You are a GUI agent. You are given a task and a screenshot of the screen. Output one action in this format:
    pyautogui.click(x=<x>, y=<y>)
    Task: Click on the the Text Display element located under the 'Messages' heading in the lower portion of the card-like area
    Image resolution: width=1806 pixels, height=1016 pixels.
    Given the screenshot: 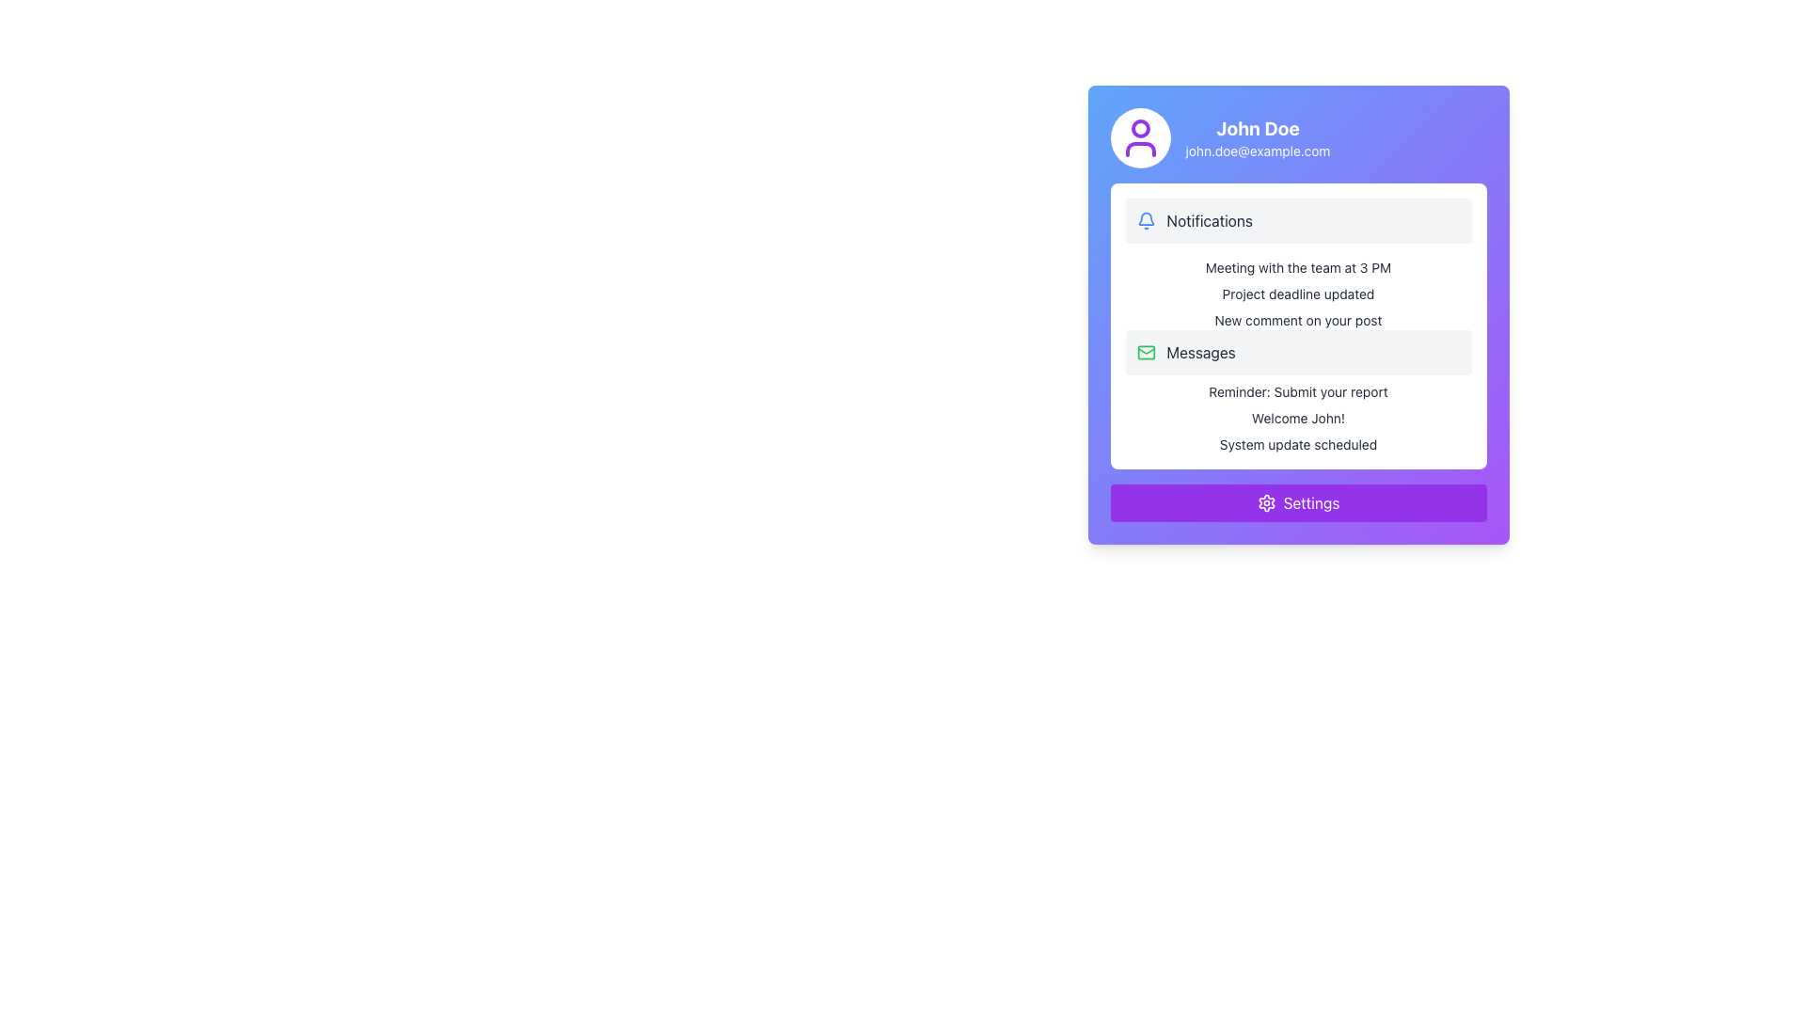 What is the action you would take?
    pyautogui.click(x=1297, y=417)
    